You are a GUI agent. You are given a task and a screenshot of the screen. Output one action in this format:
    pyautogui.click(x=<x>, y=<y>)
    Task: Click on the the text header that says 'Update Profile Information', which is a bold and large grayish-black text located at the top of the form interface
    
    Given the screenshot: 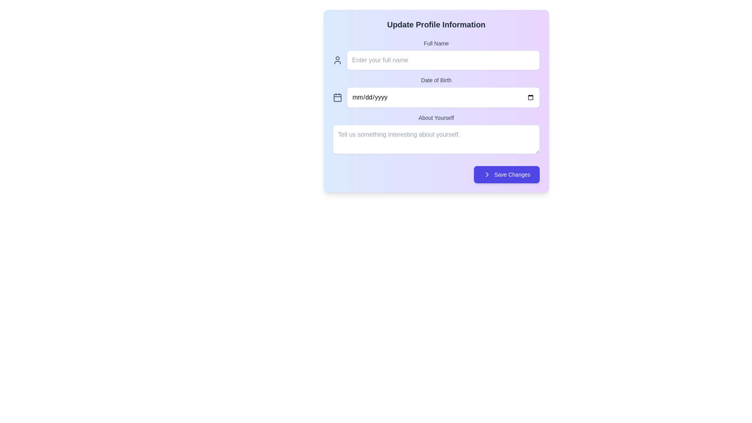 What is the action you would take?
    pyautogui.click(x=436, y=24)
    